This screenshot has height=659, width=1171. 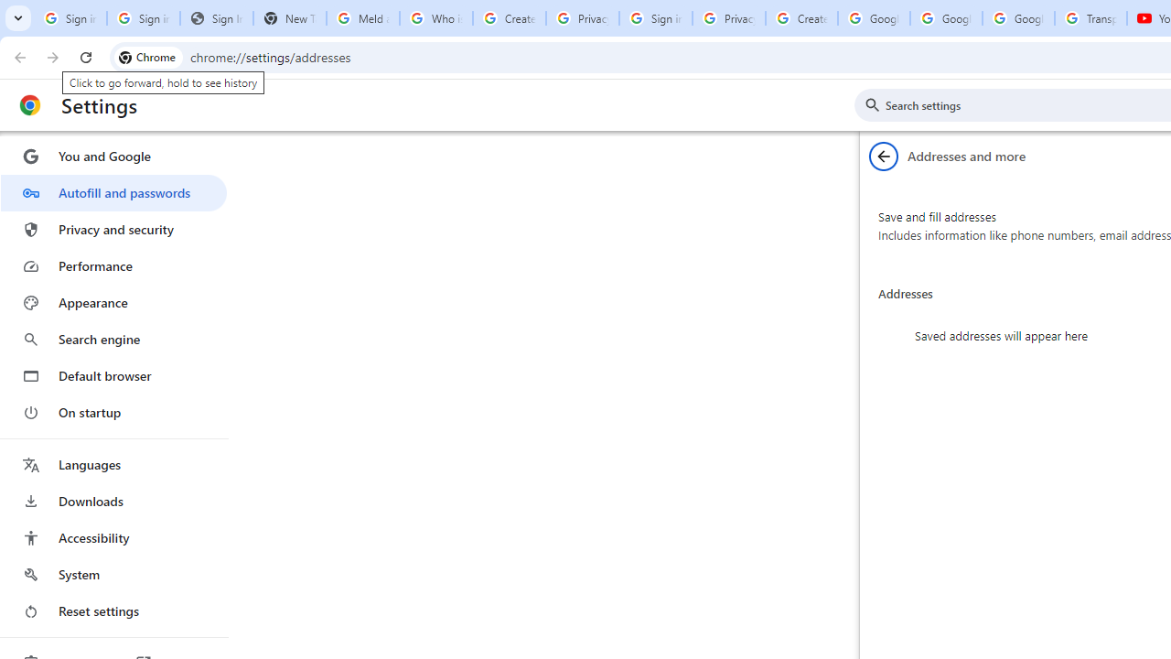 I want to click on 'You and Google', so click(x=113, y=156).